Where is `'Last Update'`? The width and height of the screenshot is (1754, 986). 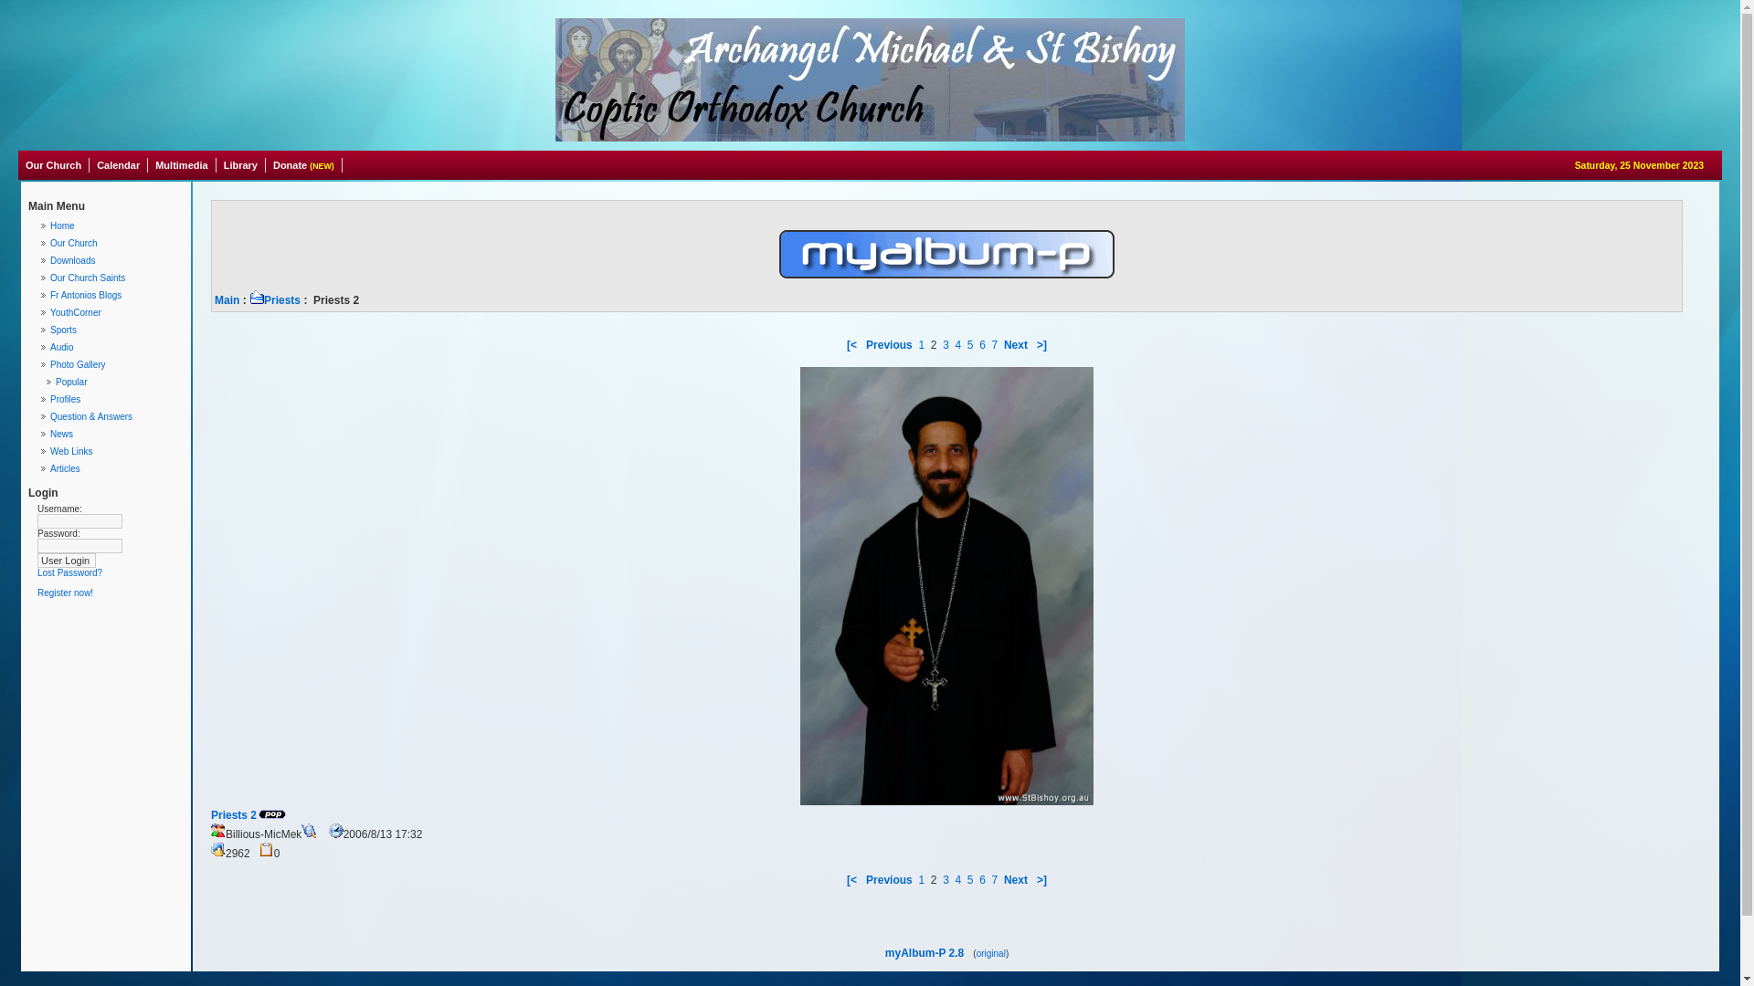 'Last Update' is located at coordinates (336, 831).